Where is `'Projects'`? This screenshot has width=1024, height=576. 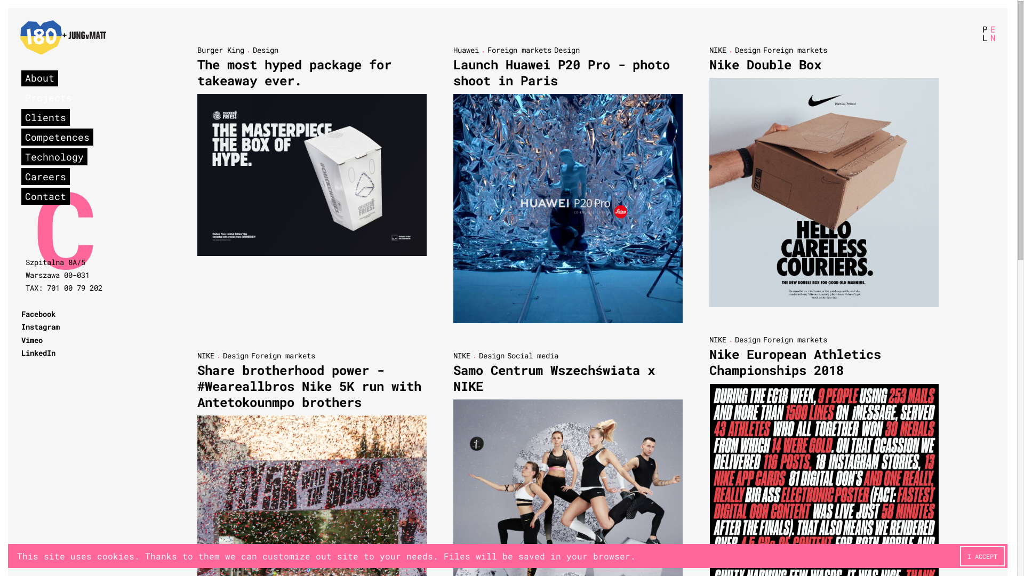 'Projects' is located at coordinates (48, 99).